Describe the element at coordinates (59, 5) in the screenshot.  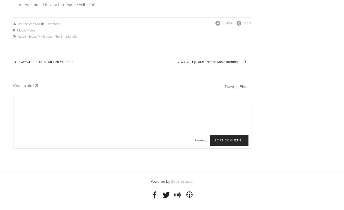
I see `'“we should have a threesome with him”'` at that location.